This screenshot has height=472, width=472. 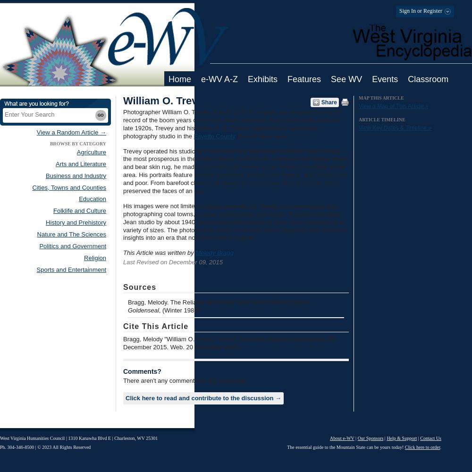 What do you see at coordinates (128, 302) in the screenshot?
I see `'Bragg, Melody.
  The Reliable Bill Trevey: Glen Jean's Photographer.'` at bounding box center [128, 302].